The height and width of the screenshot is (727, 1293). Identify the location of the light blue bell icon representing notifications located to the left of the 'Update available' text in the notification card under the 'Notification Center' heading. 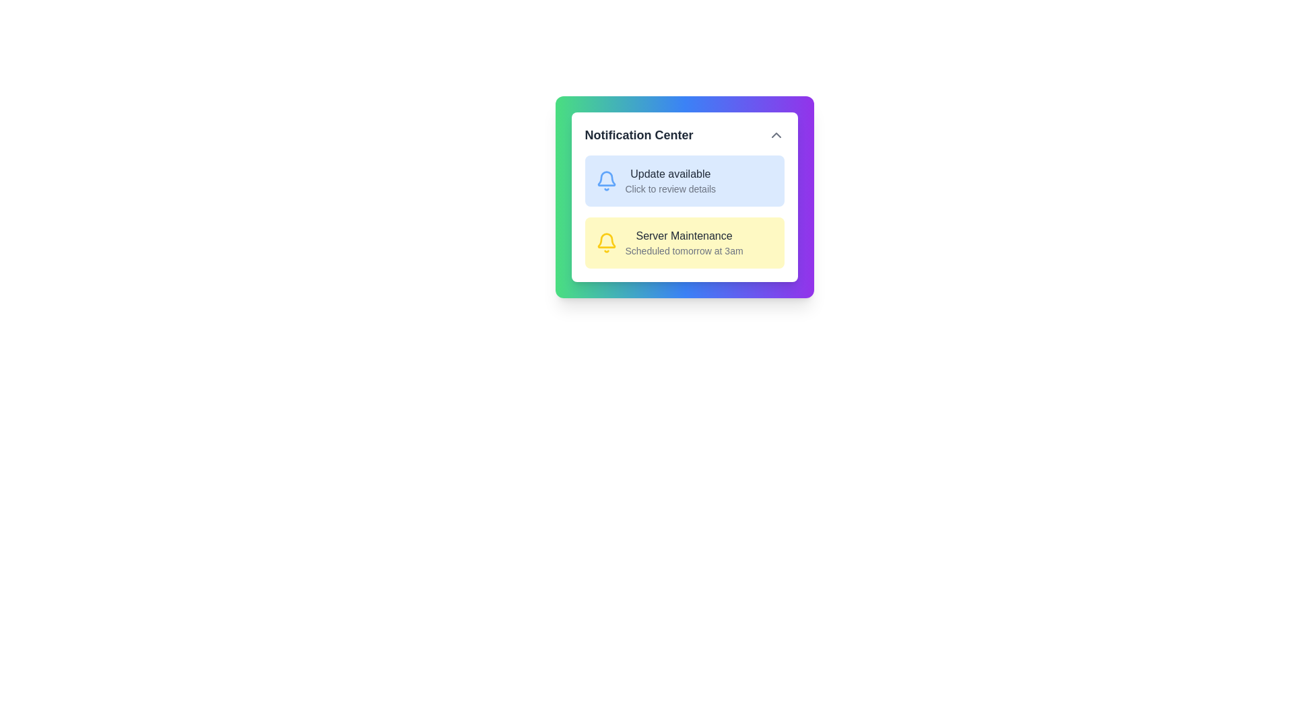
(605, 180).